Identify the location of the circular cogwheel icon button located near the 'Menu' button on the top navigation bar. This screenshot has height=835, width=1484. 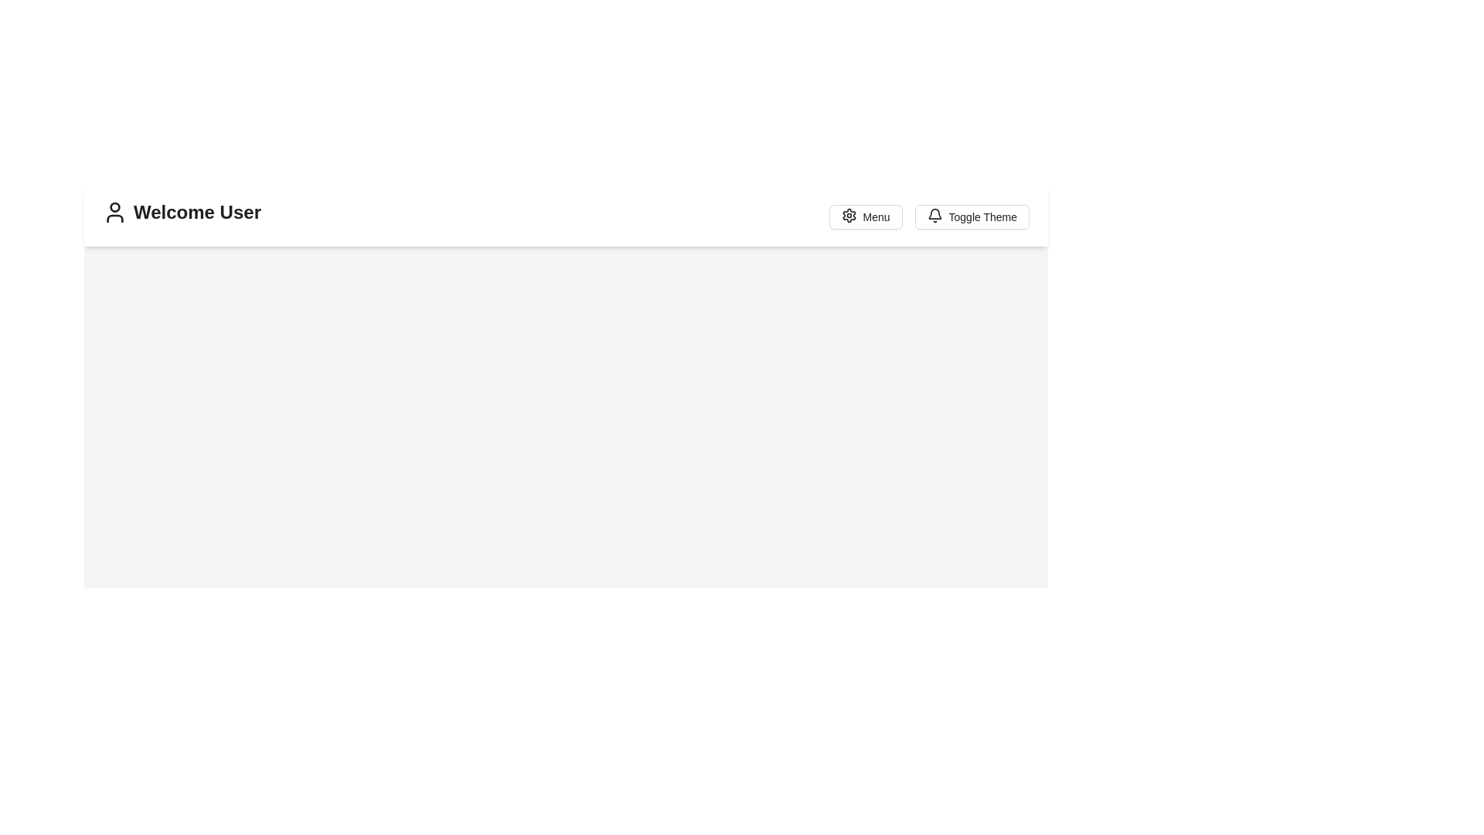
(848, 215).